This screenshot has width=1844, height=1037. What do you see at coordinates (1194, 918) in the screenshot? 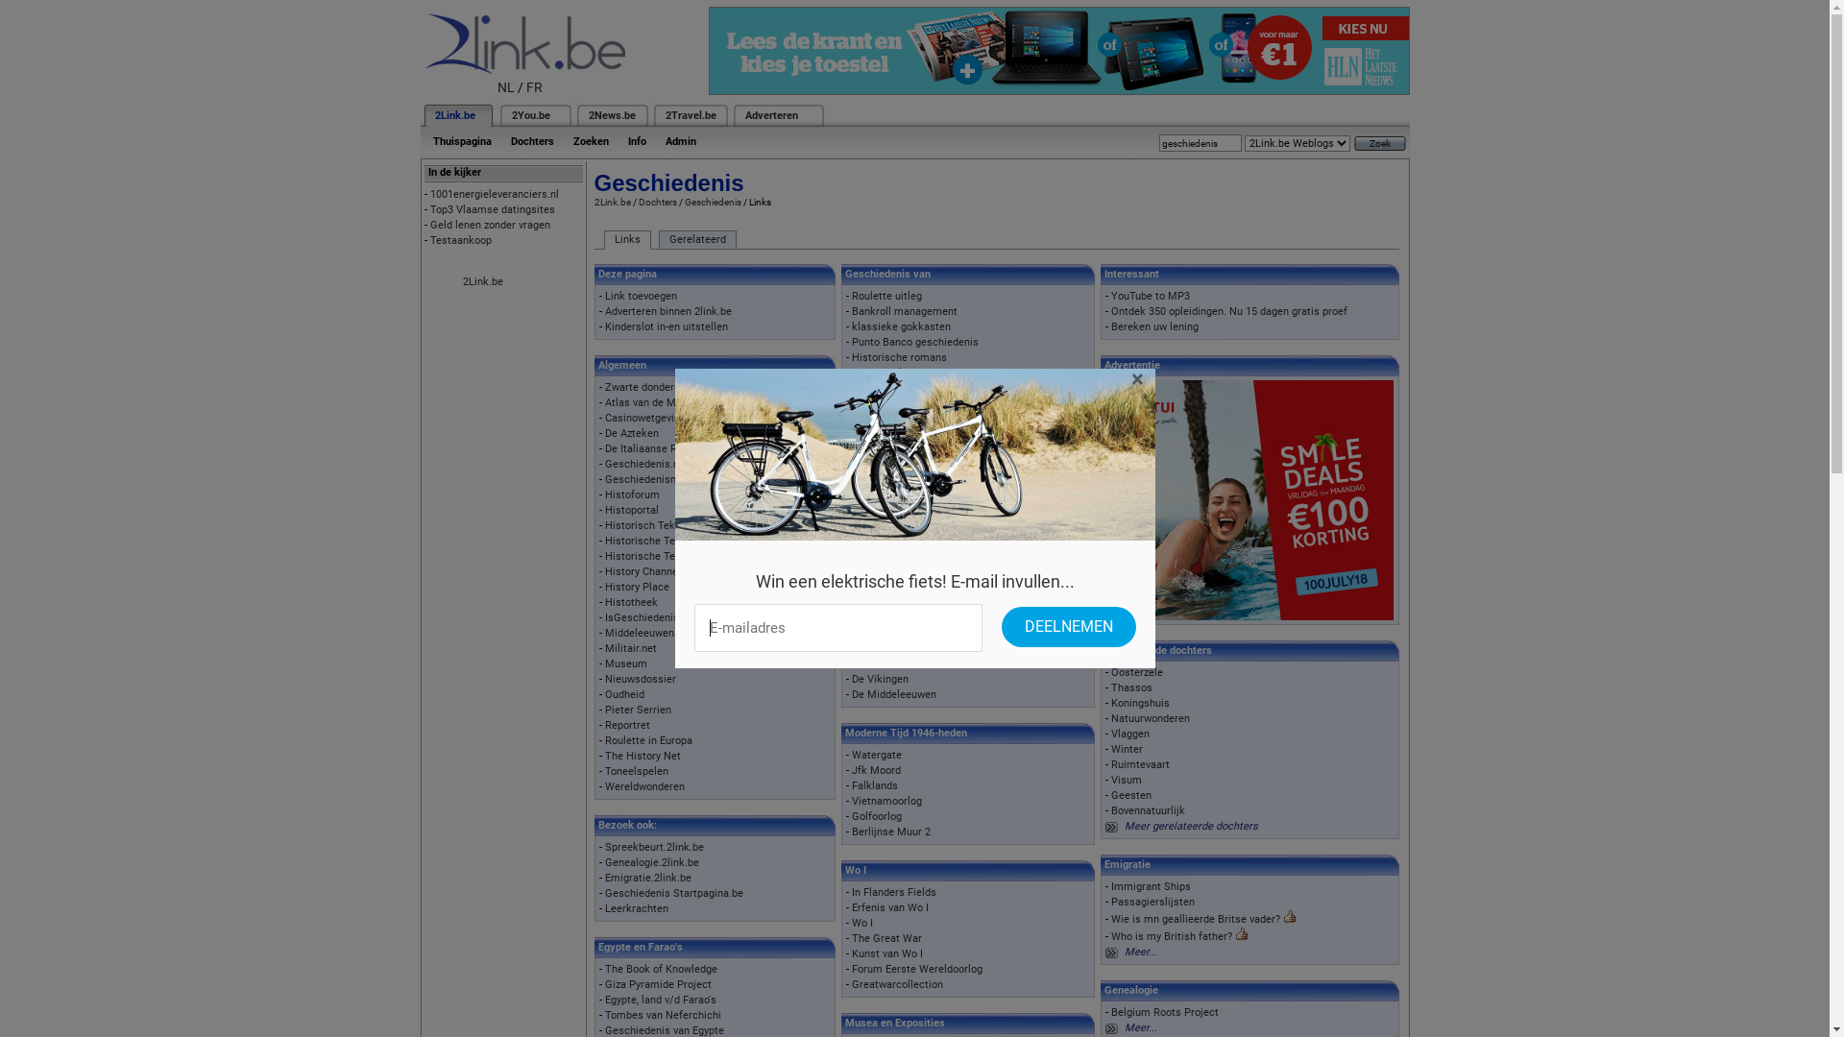
I see `'Wie is mn geallieerde Britse vader?'` at bounding box center [1194, 918].